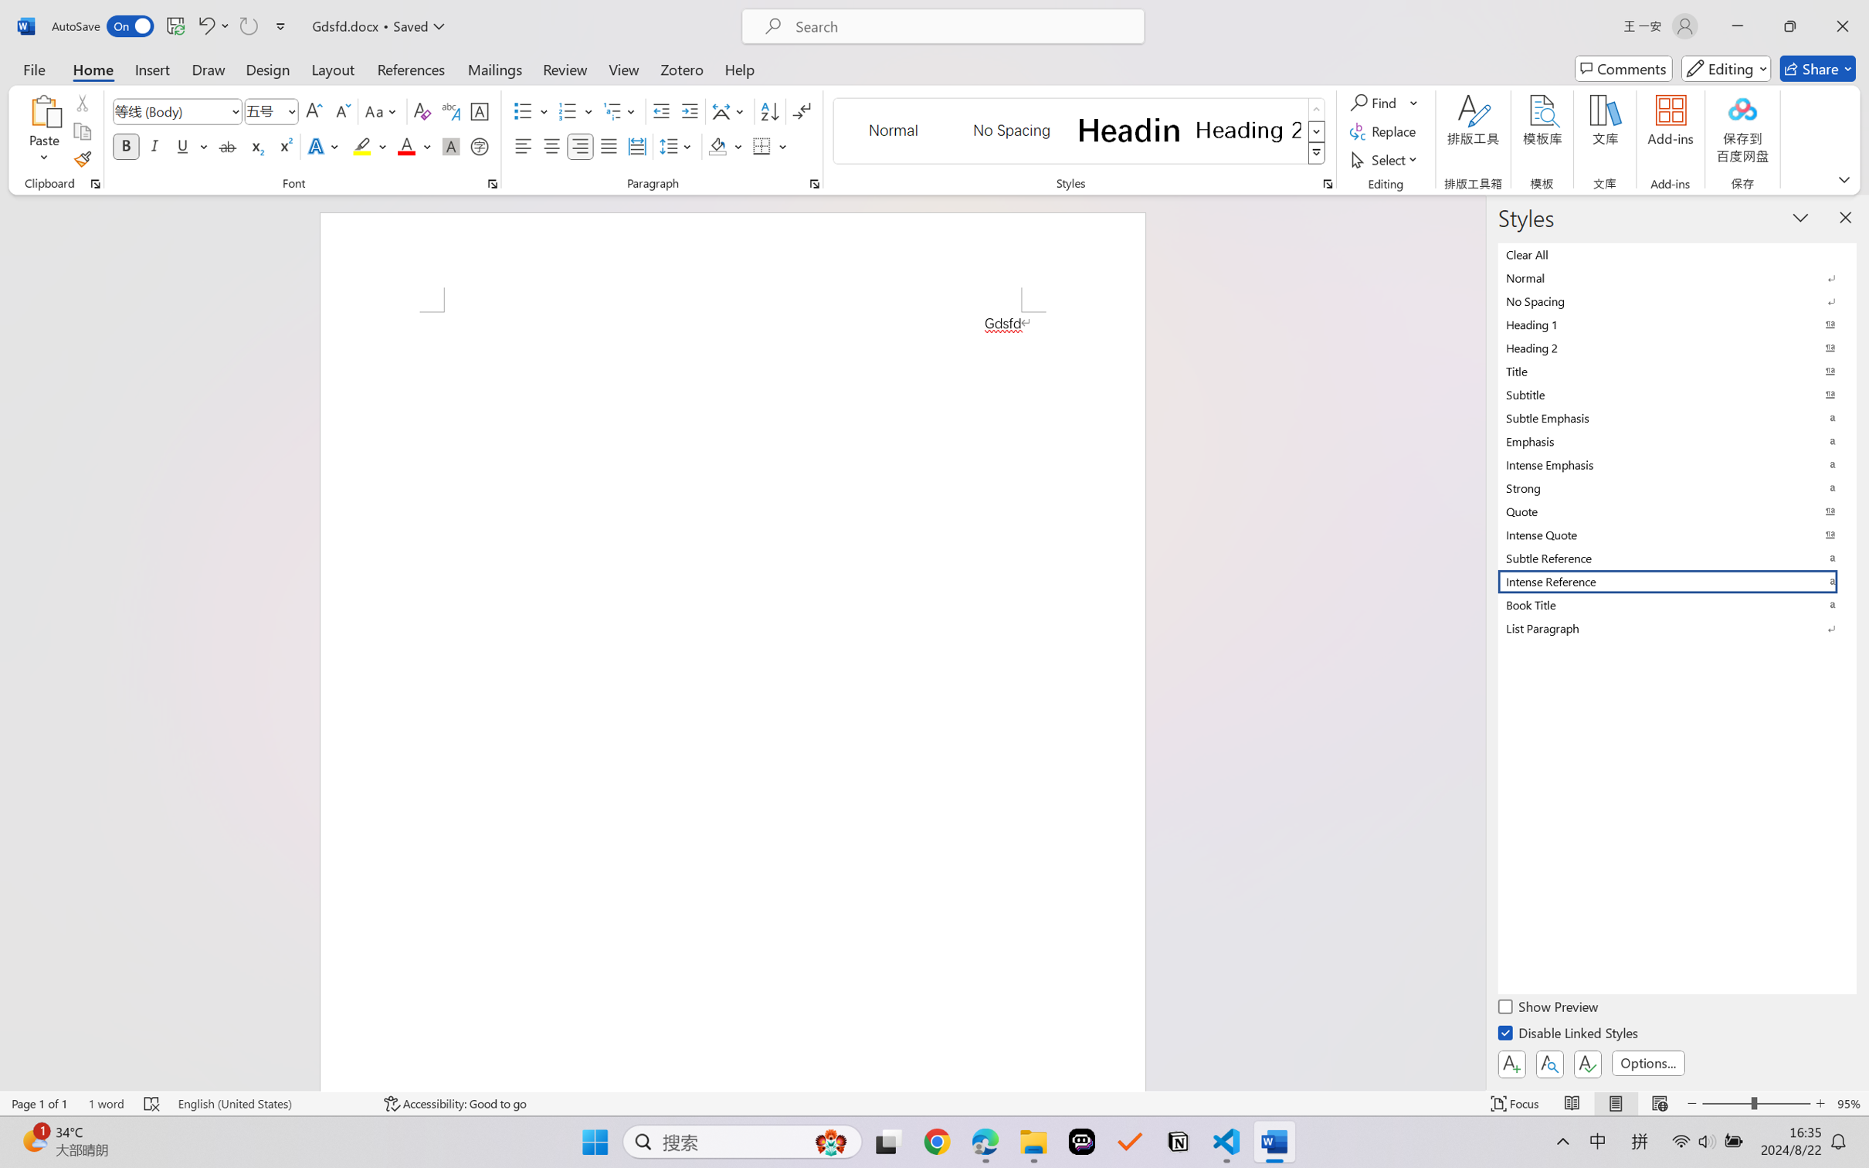  Describe the element at coordinates (94, 183) in the screenshot. I see `'Office Clipboard...'` at that location.